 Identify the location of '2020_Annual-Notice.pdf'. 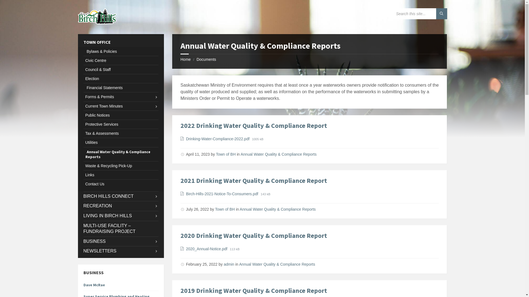
(186, 249).